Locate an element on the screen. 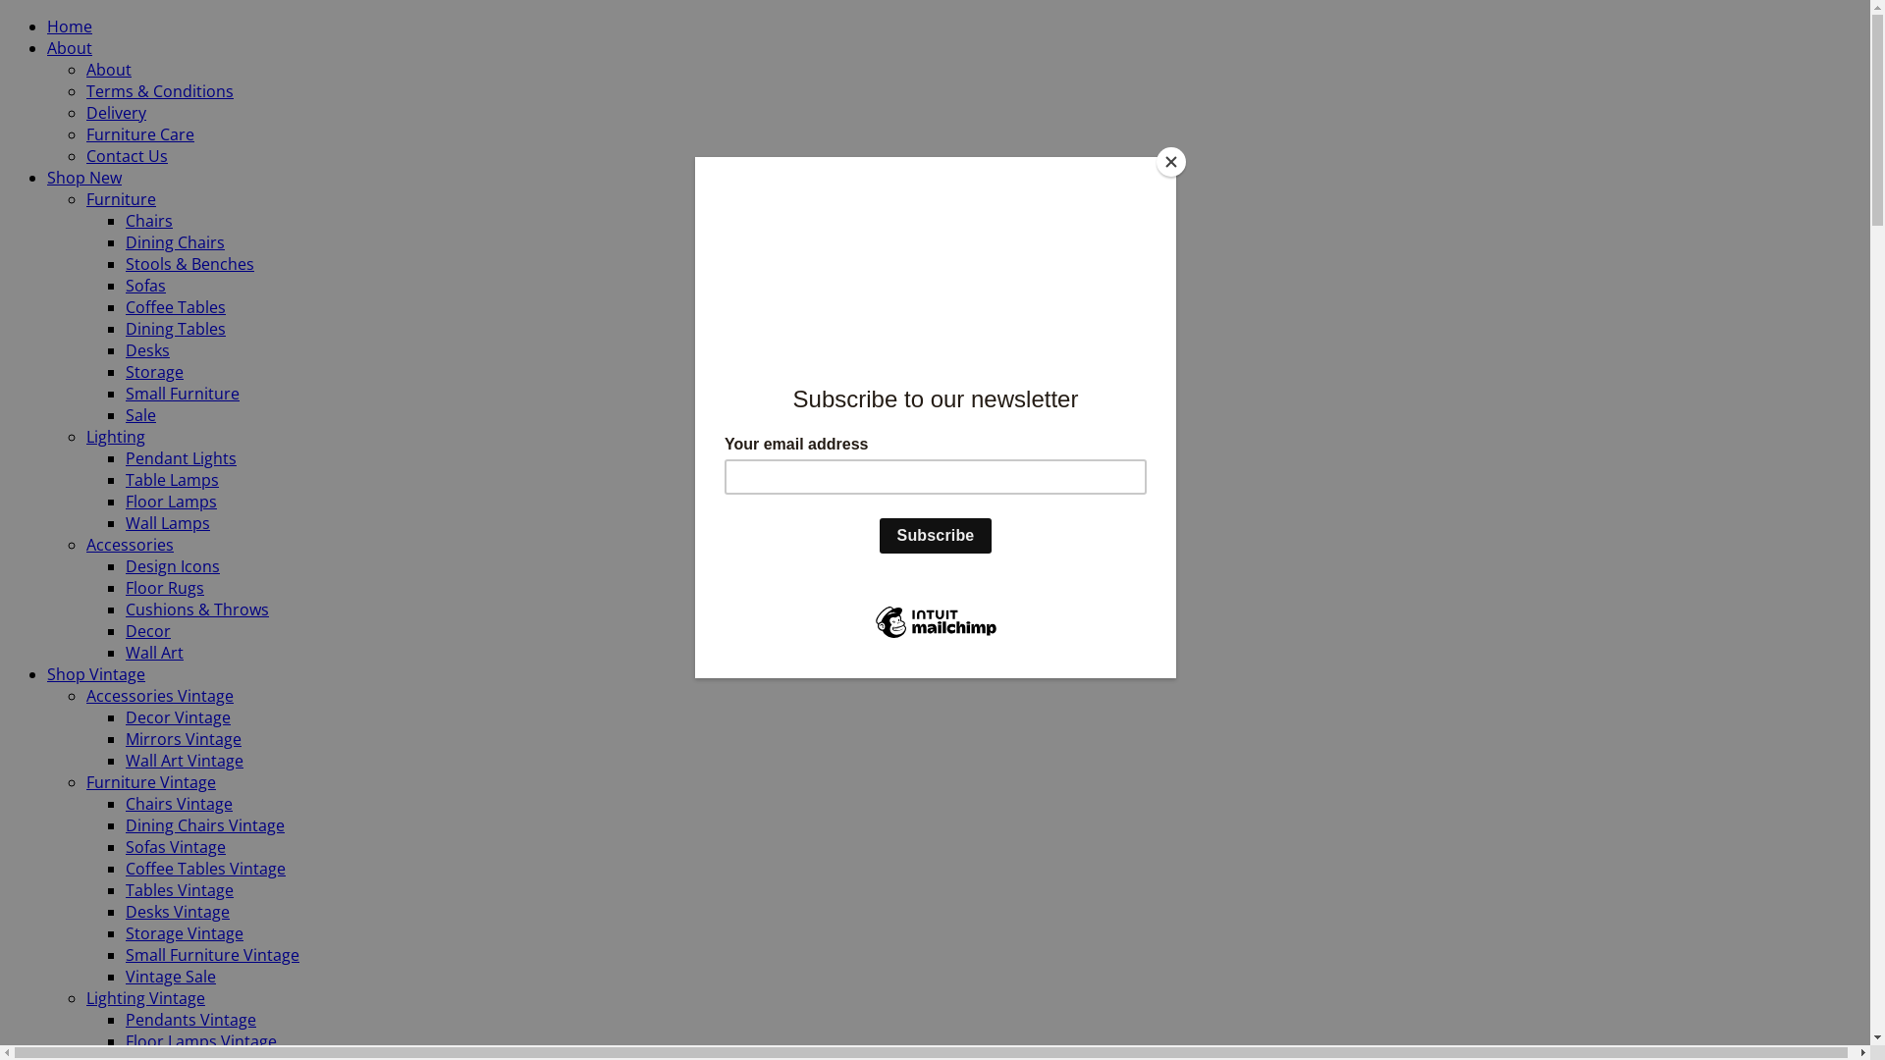  'Home' is located at coordinates (70, 26).